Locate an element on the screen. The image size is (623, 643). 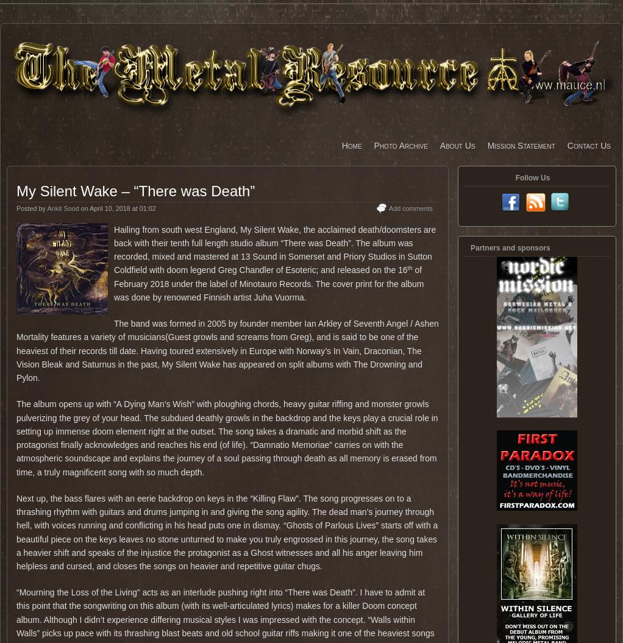
'Posted by' is located at coordinates (32, 208).